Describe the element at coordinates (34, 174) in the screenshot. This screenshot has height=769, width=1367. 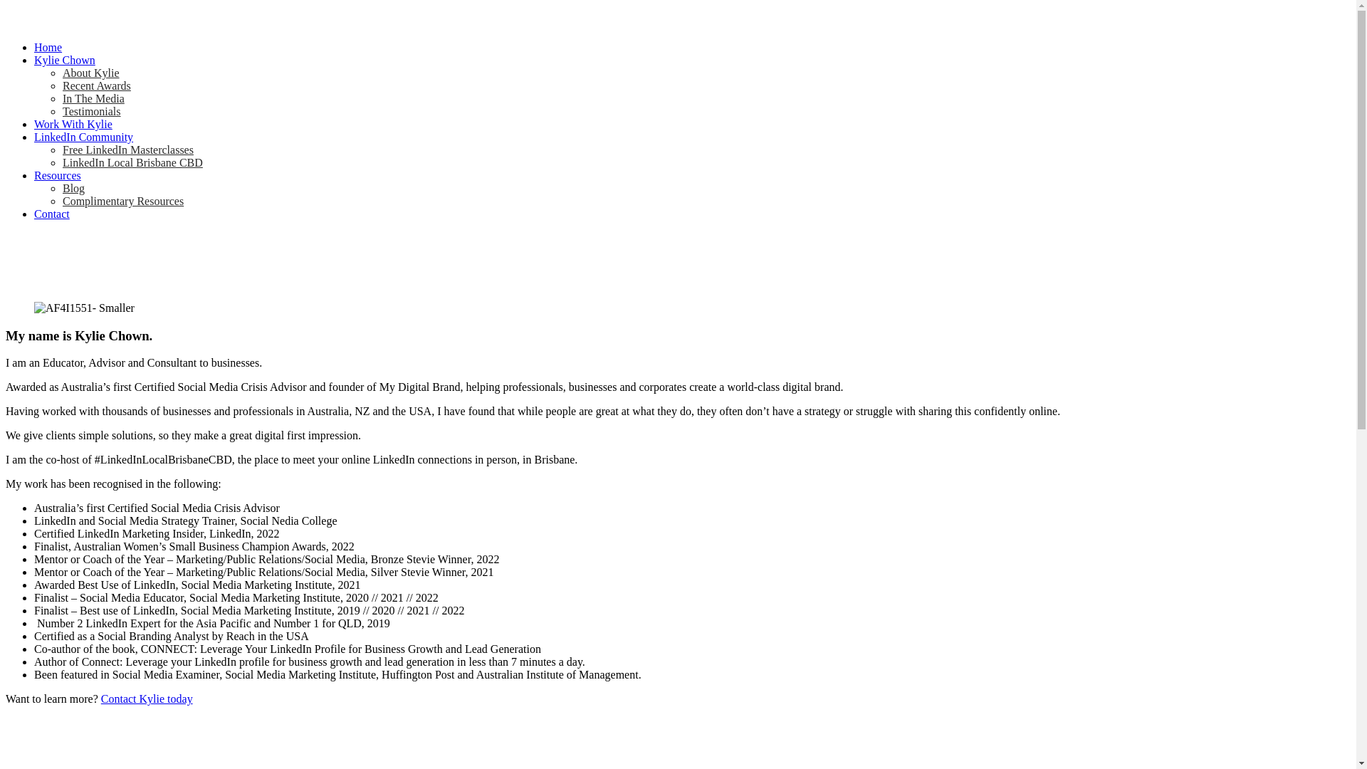
I see `'Resources'` at that location.